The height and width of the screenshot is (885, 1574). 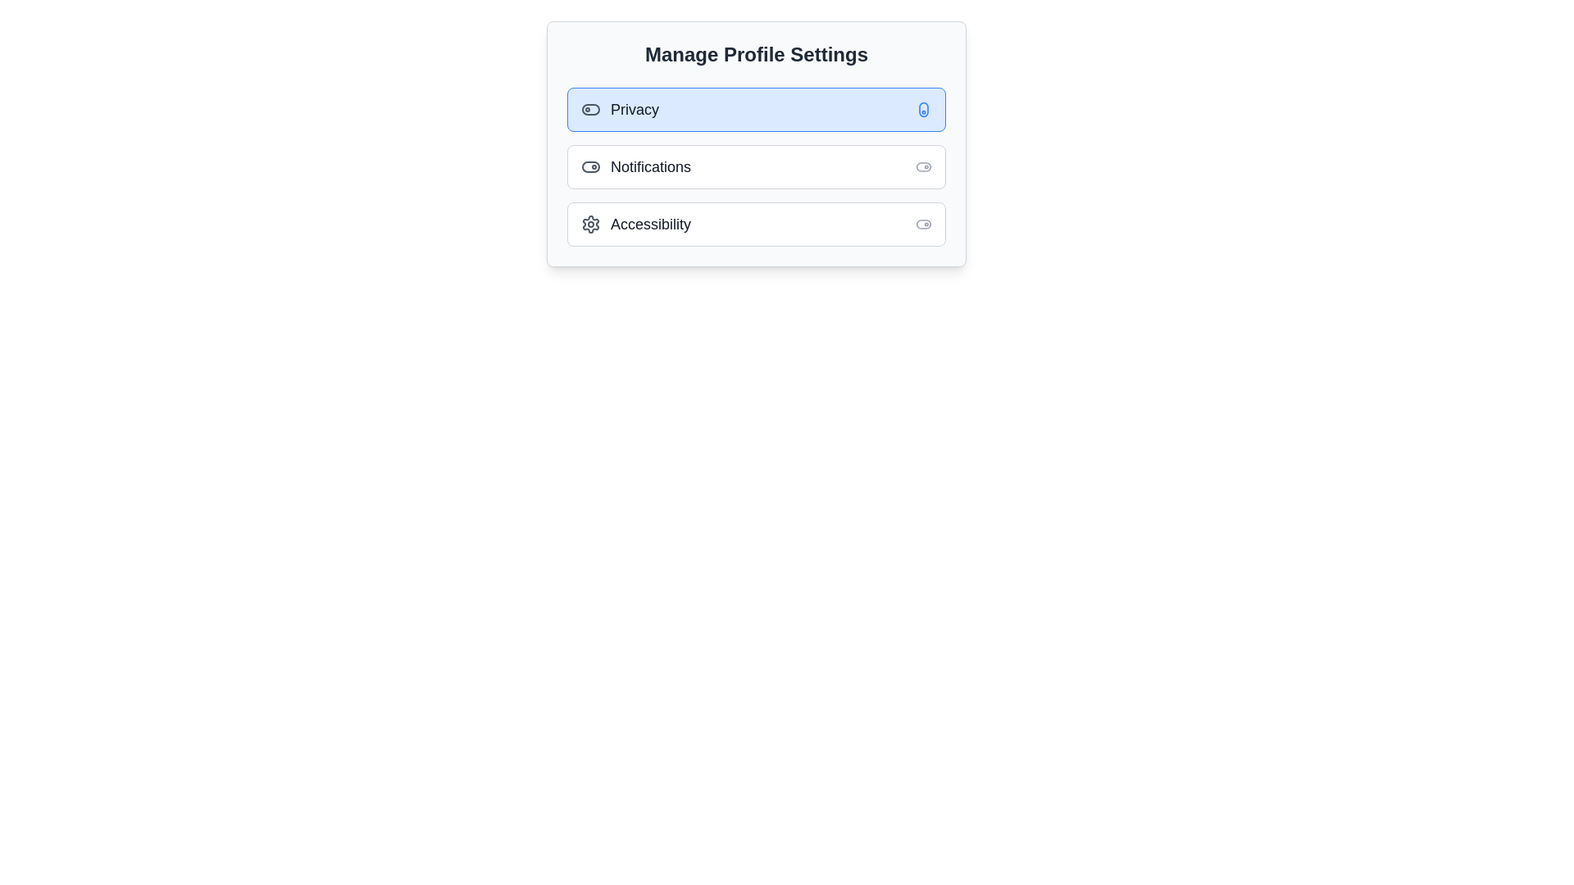 I want to click on the background layer of the toggle switch located within the 'Notifications' list item, which is an elongated rectangular shape with rounded corners and a light appearance indicating an inactive state, so click(x=590, y=167).